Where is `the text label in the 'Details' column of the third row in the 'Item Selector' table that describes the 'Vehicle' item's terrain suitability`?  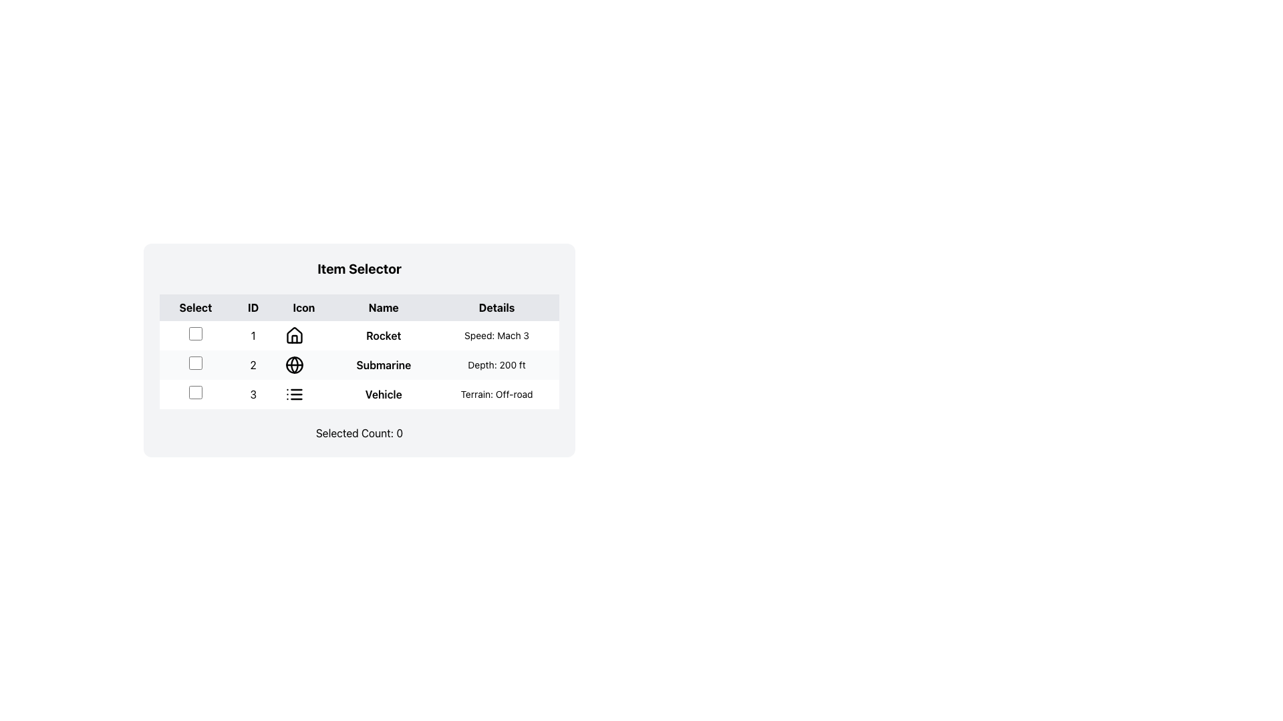
the text label in the 'Details' column of the third row in the 'Item Selector' table that describes the 'Vehicle' item's terrain suitability is located at coordinates (496, 393).